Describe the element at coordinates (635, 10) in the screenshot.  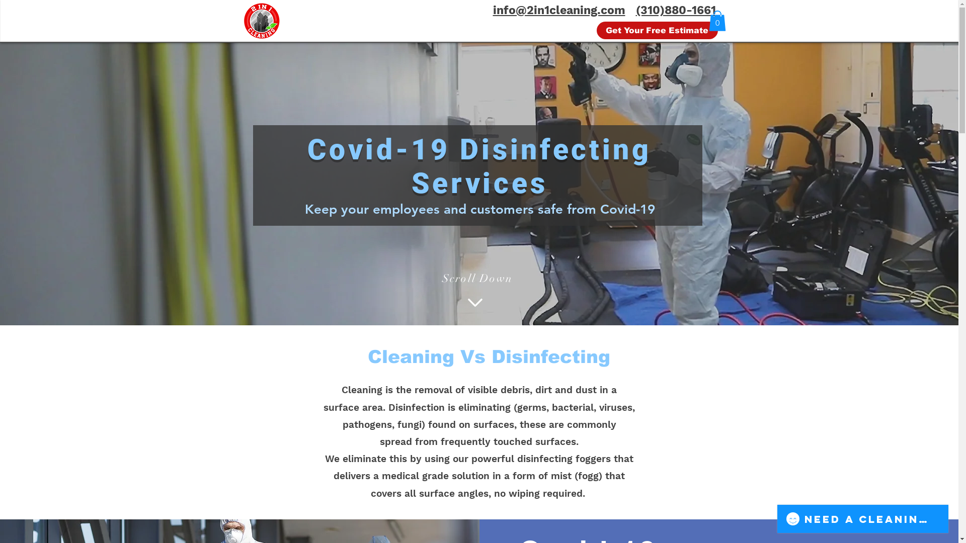
I see `'(310)880-1661'` at that location.